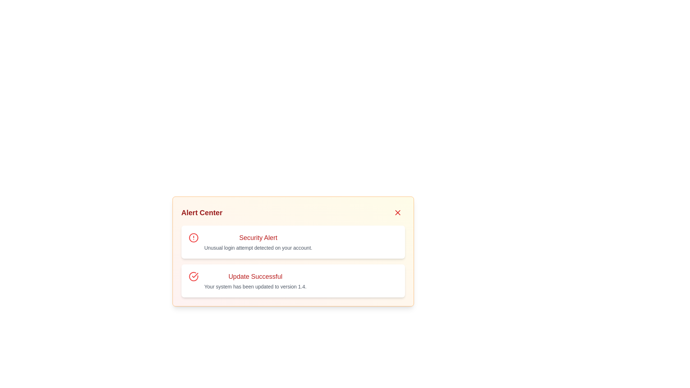 Image resolution: width=690 pixels, height=388 pixels. What do you see at coordinates (258, 238) in the screenshot?
I see `the Text Label that serves as the title or headline for the notification, located in the top section of the first notification card under the 'Alert Center' panel` at bounding box center [258, 238].